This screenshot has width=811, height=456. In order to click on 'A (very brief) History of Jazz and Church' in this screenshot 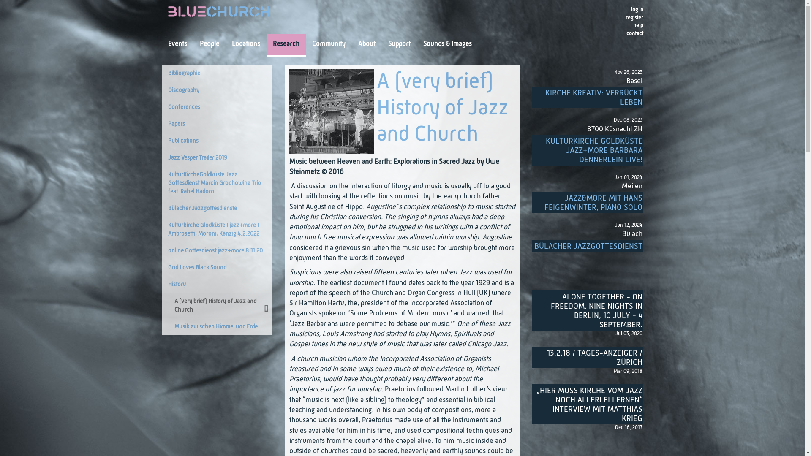, I will do `click(161, 306)`.